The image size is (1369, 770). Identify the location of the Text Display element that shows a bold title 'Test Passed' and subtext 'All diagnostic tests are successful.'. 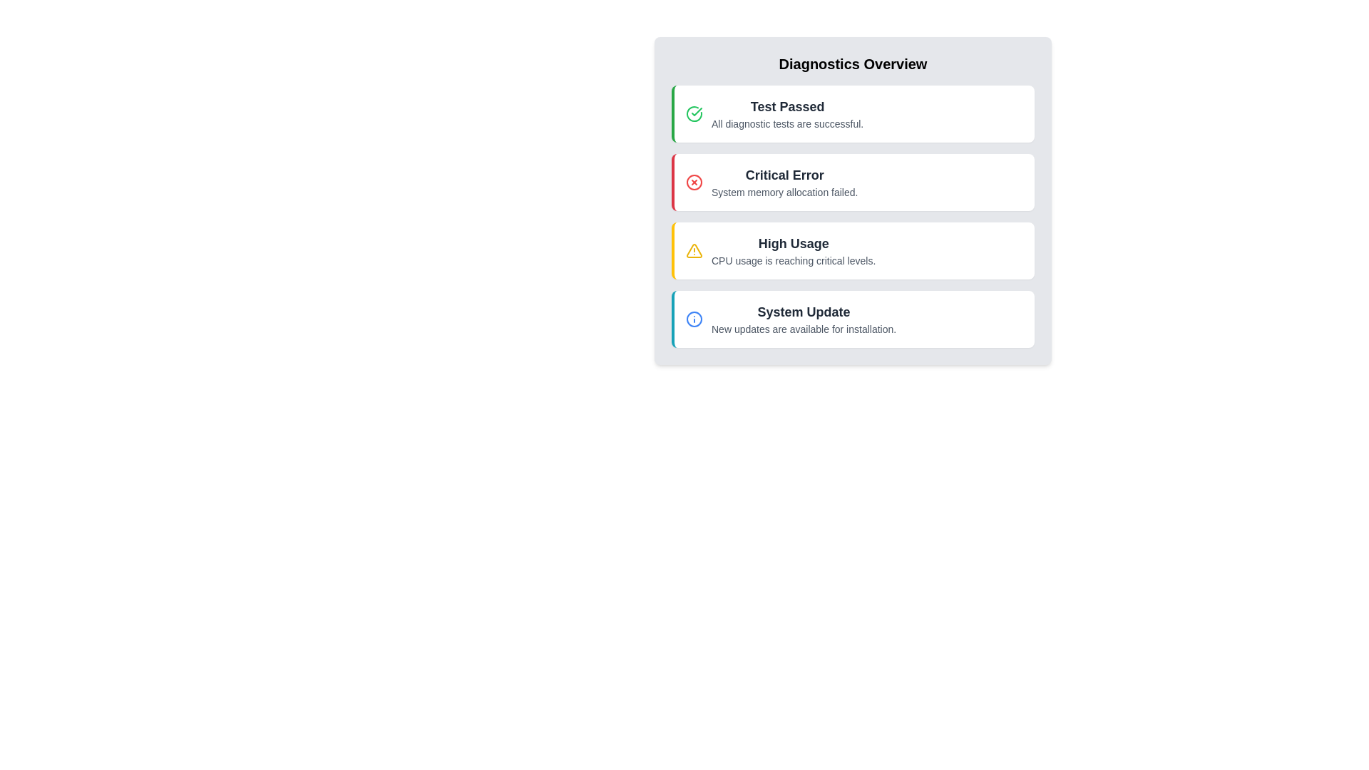
(786, 113).